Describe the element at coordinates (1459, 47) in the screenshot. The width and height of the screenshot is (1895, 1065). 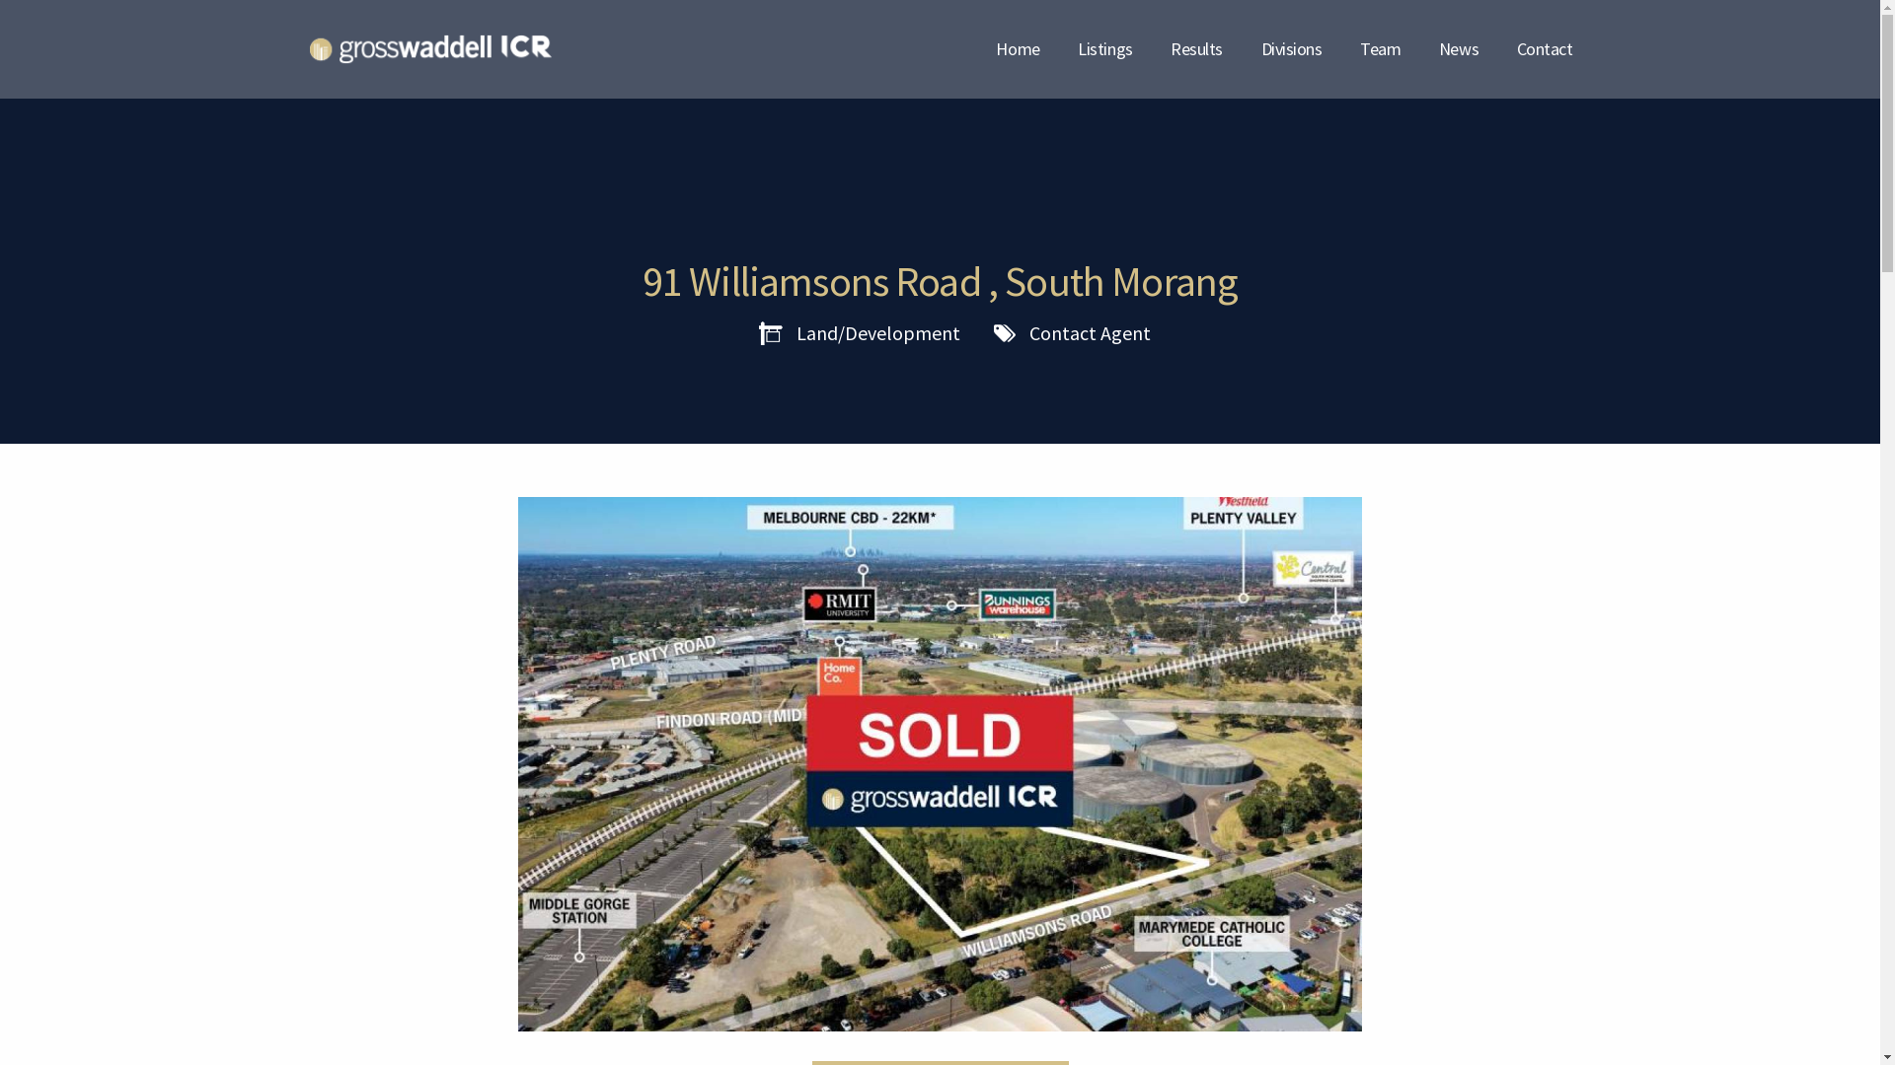
I see `'News'` at that location.